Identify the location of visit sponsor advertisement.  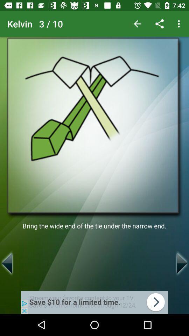
(94, 302).